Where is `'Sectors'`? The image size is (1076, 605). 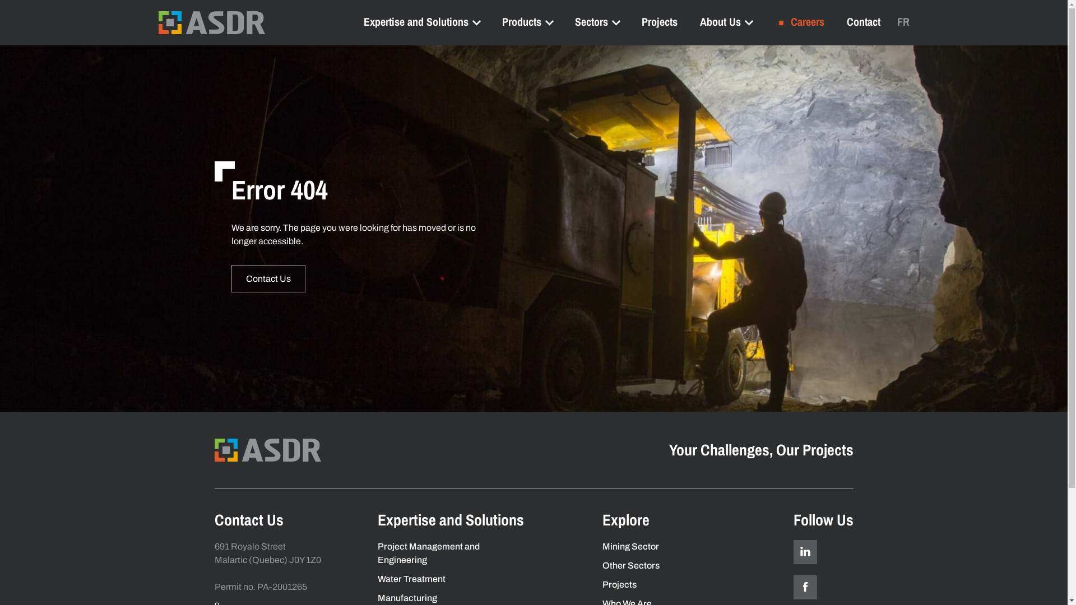 'Sectors' is located at coordinates (596, 21).